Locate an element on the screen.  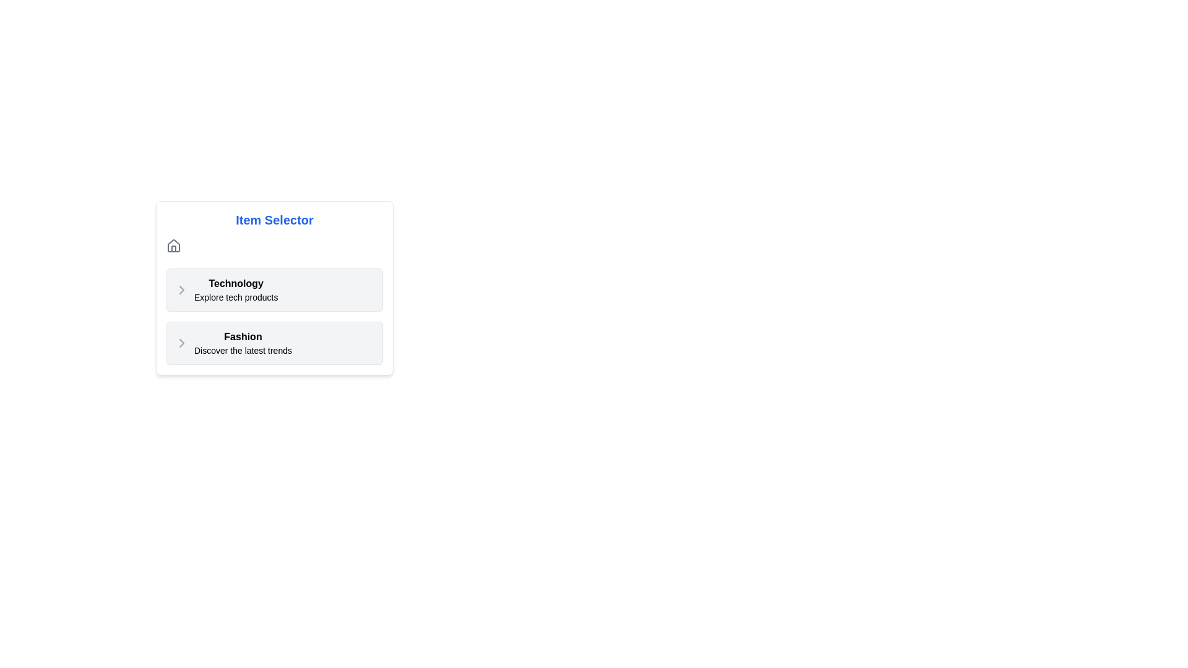
the interactive grid containing two options, 'Technology' and 'Fashion' is located at coordinates (274, 316).